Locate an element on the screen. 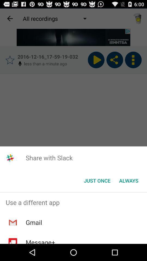 Image resolution: width=147 pixels, height=261 pixels. the always is located at coordinates (128, 181).